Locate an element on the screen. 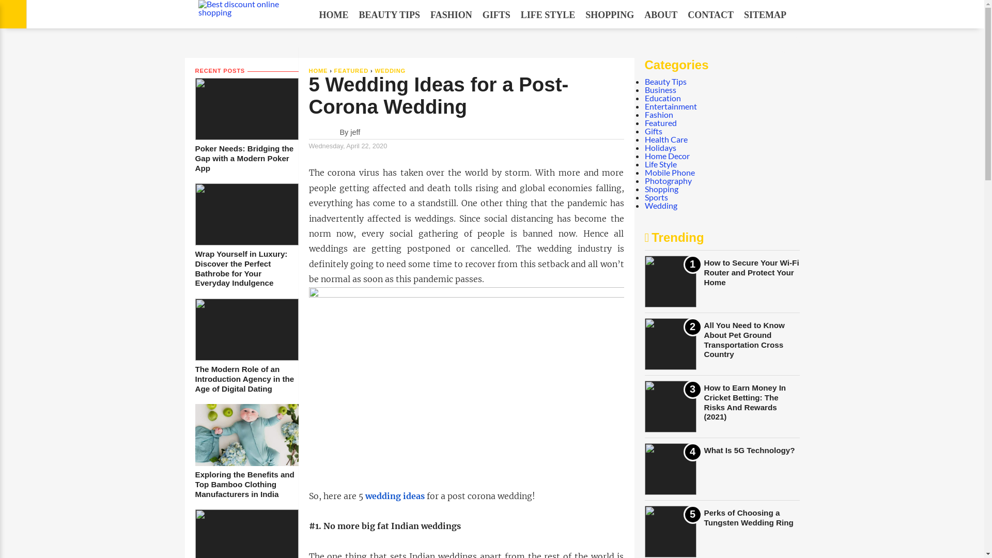 The height and width of the screenshot is (558, 992). 'Education' is located at coordinates (662, 98).